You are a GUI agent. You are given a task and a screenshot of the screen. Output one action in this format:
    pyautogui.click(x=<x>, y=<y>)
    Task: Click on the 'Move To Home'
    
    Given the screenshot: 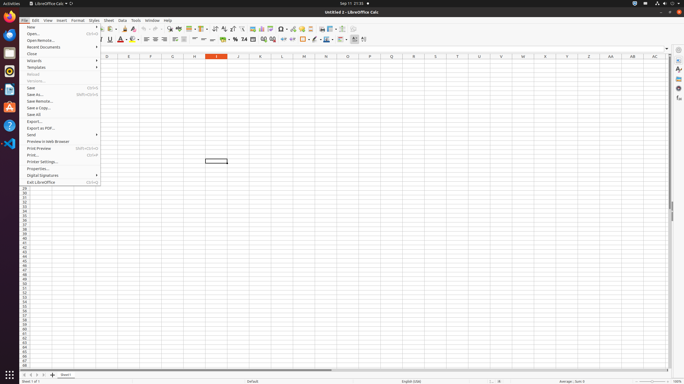 What is the action you would take?
    pyautogui.click(x=24, y=375)
    